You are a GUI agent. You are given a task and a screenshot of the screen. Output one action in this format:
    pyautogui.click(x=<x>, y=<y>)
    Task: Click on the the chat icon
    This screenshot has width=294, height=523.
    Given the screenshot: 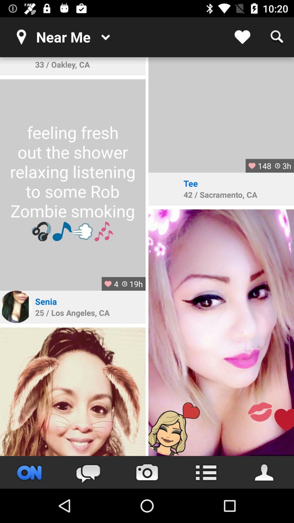 What is the action you would take?
    pyautogui.click(x=88, y=472)
    